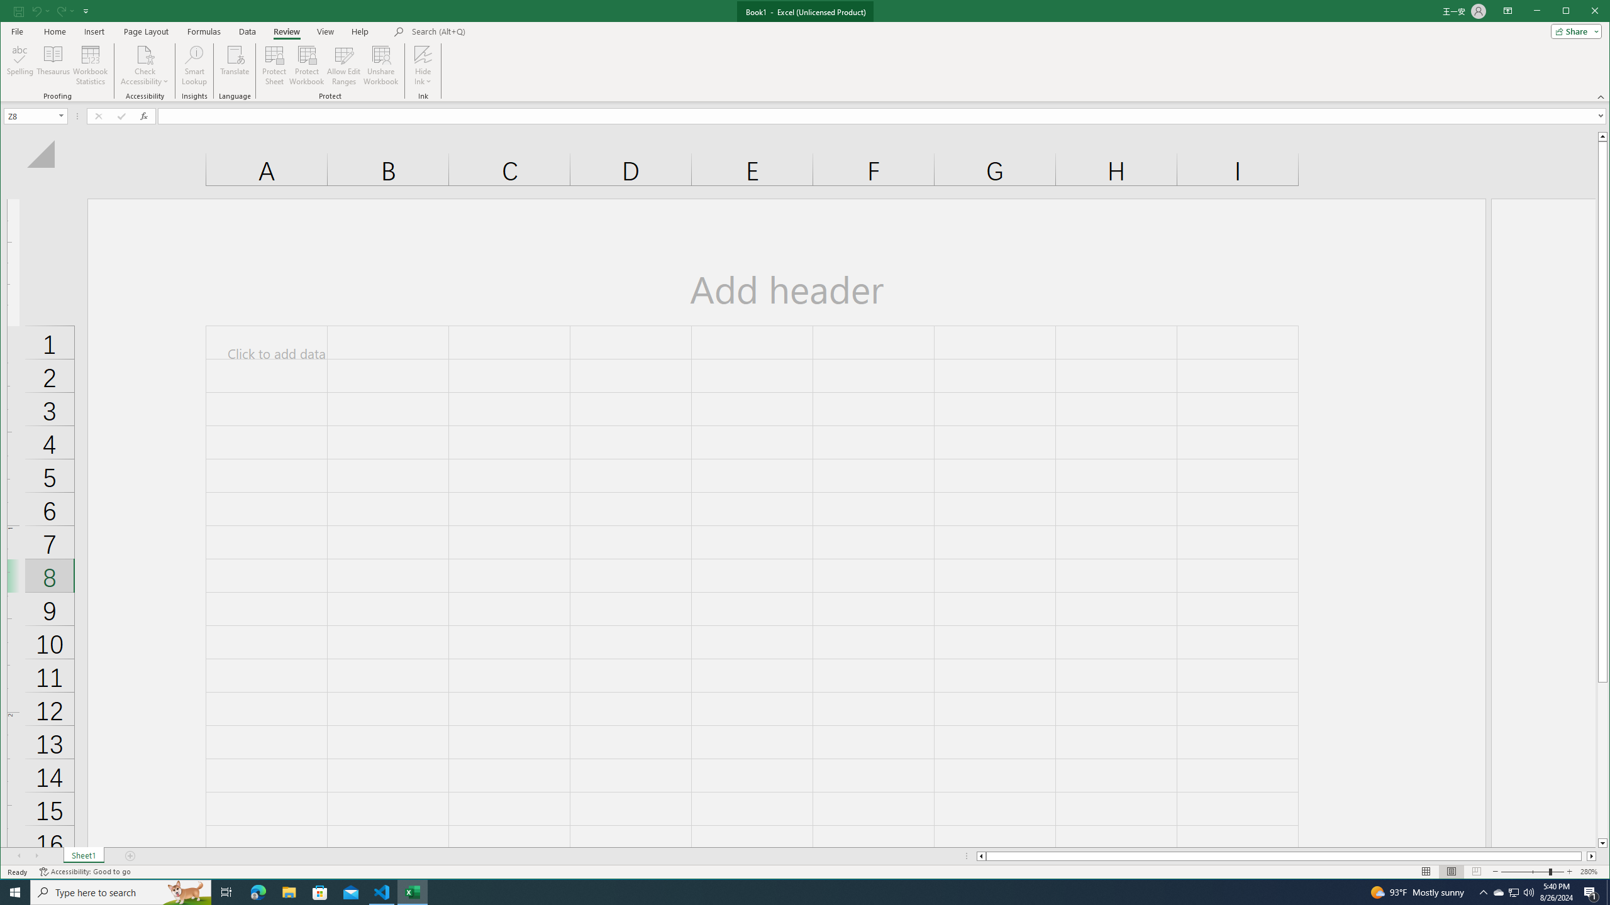 The image size is (1610, 905). What do you see at coordinates (194, 65) in the screenshot?
I see `'Smart Lookup'` at bounding box center [194, 65].